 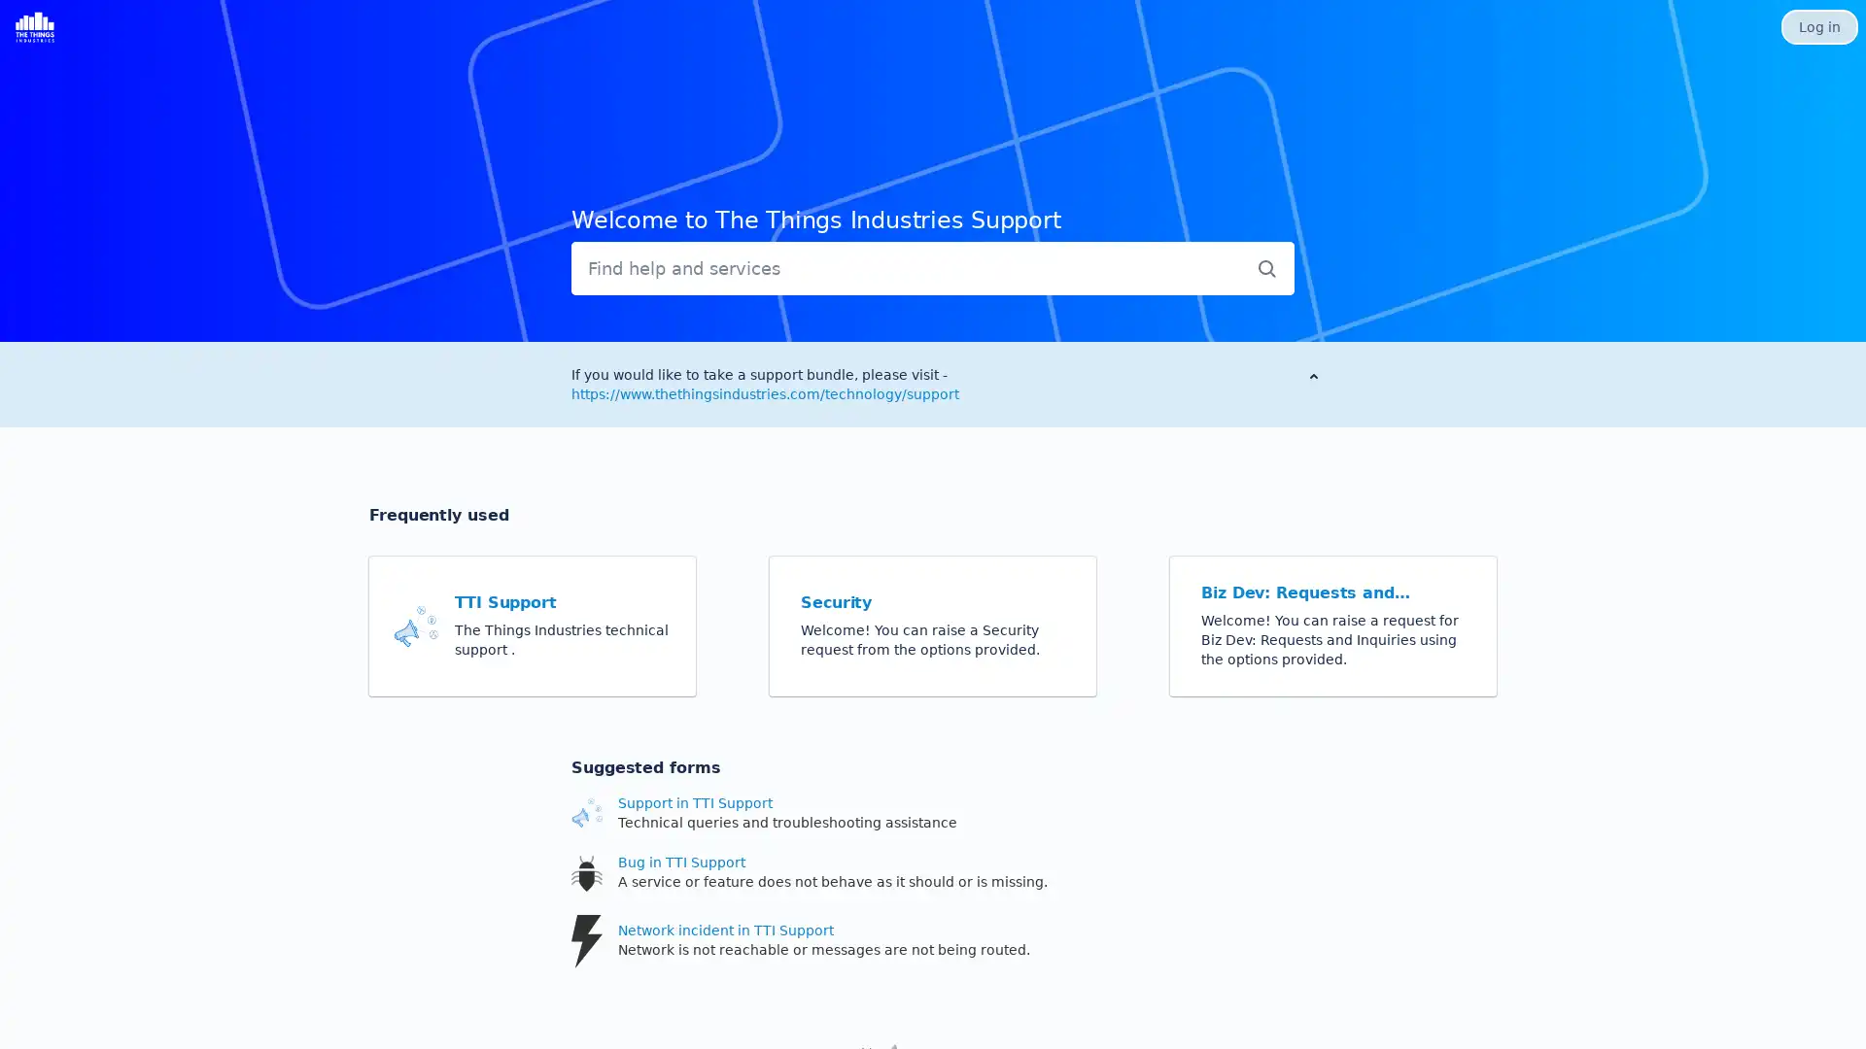 What do you see at coordinates (1267, 268) in the screenshot?
I see `Submit search query` at bounding box center [1267, 268].